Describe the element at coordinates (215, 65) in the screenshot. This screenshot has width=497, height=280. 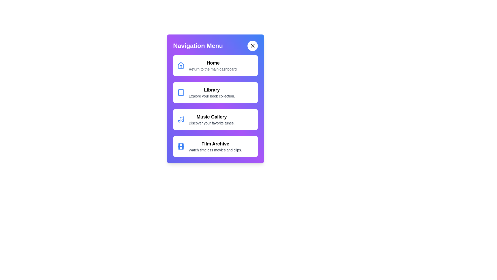
I see `the navigation menu item Home` at that location.